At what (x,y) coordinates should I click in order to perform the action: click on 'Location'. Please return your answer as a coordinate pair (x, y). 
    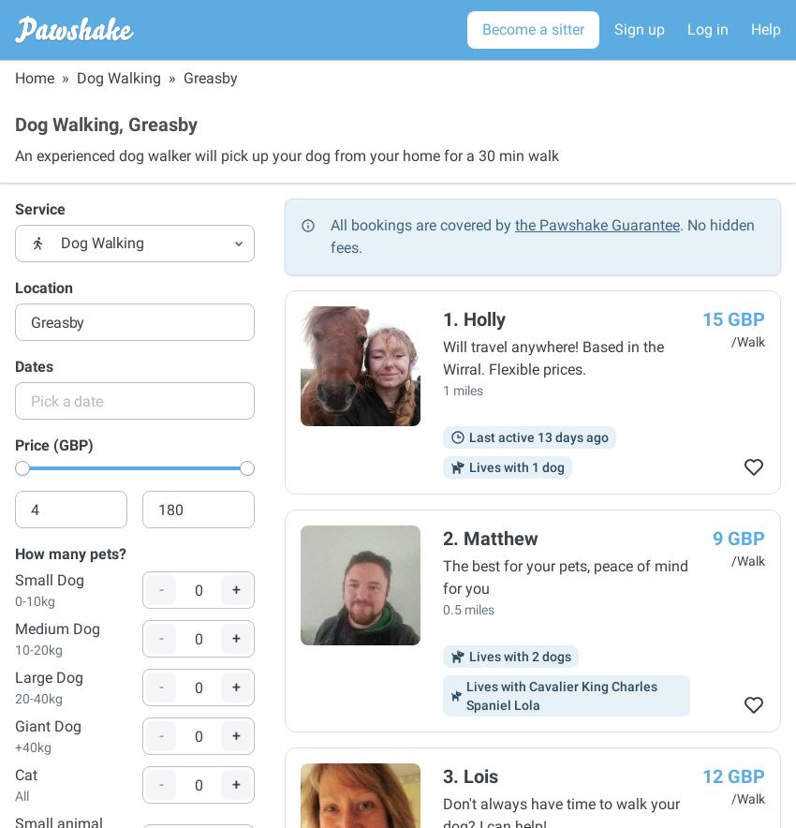
    Looking at the image, I should click on (44, 288).